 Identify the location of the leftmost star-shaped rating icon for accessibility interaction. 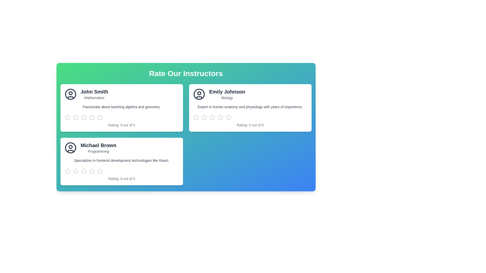
(67, 117).